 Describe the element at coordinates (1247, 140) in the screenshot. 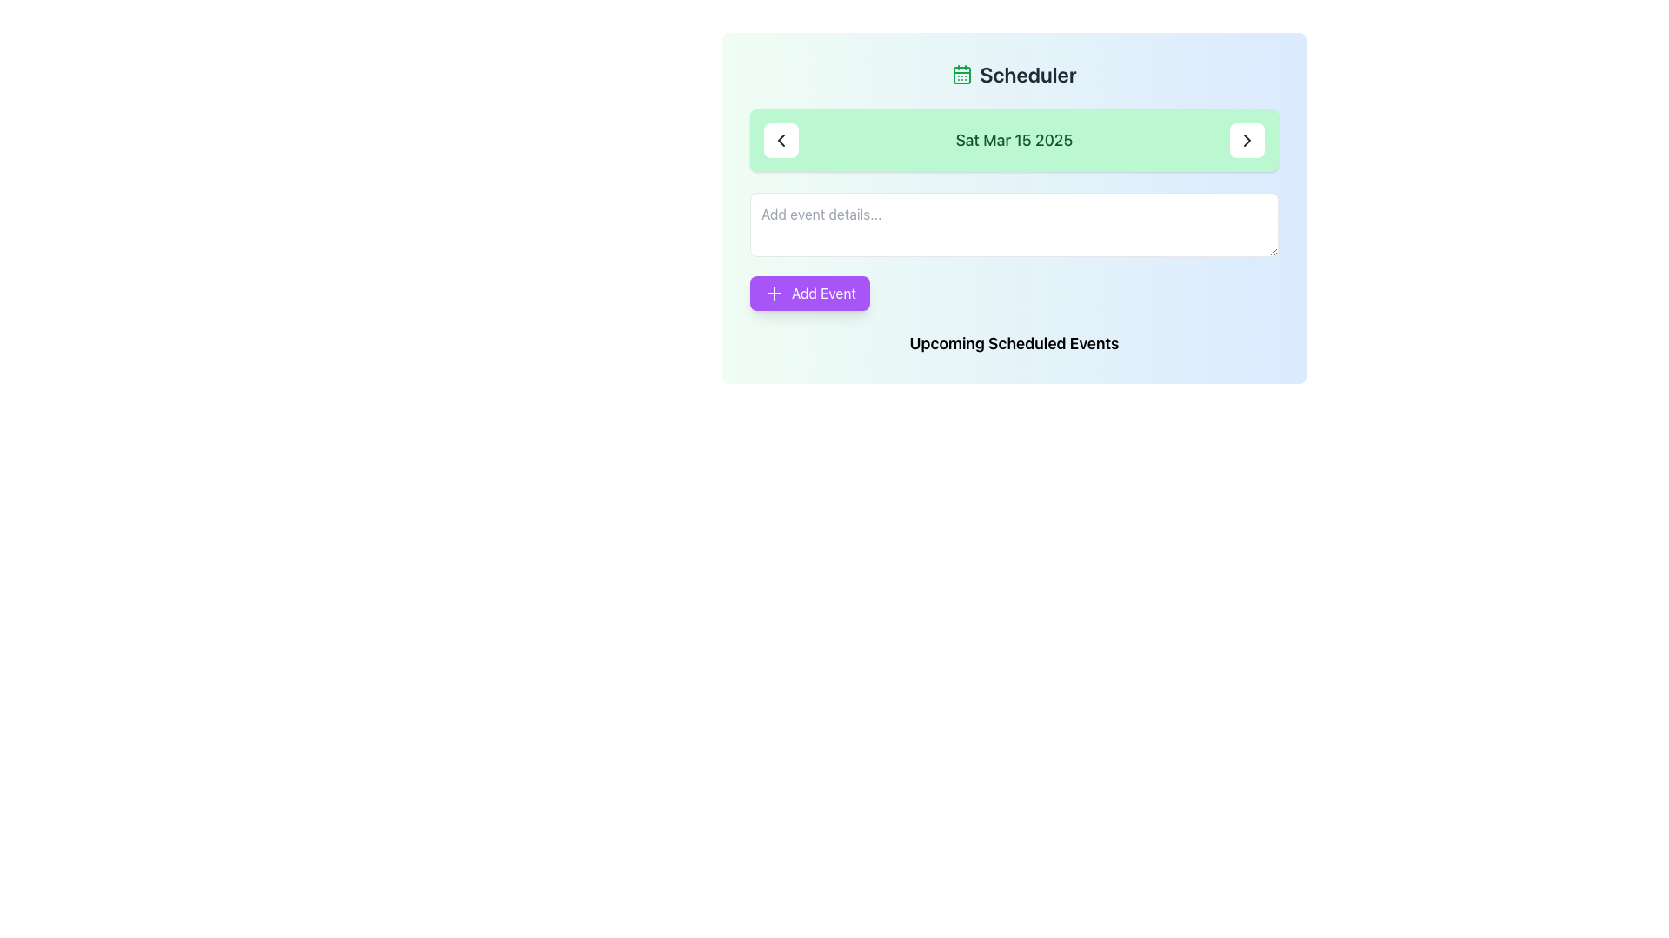

I see `the right-facing chevron SVG icon located inside the light green button on the right side of the scheduler's date display section` at that location.